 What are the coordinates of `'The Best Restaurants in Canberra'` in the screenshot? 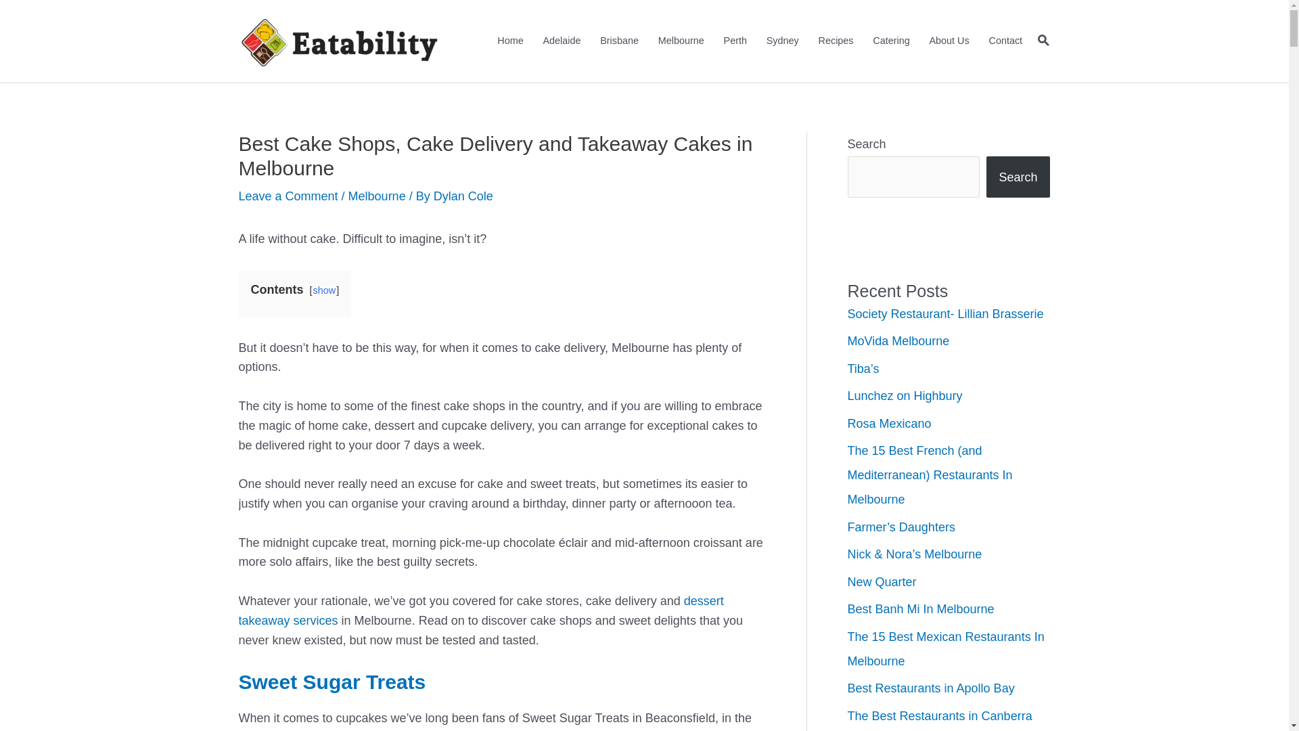 It's located at (938, 715).